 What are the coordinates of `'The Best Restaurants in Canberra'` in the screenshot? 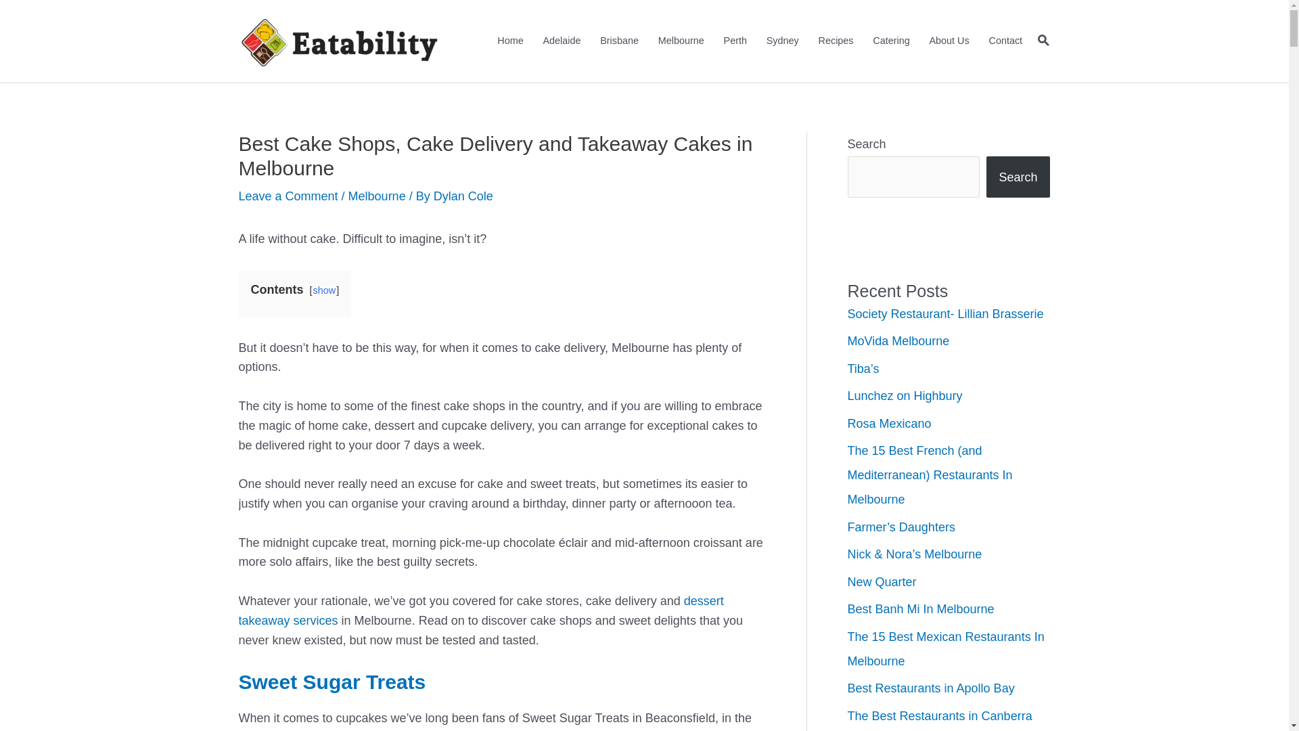 It's located at (938, 715).